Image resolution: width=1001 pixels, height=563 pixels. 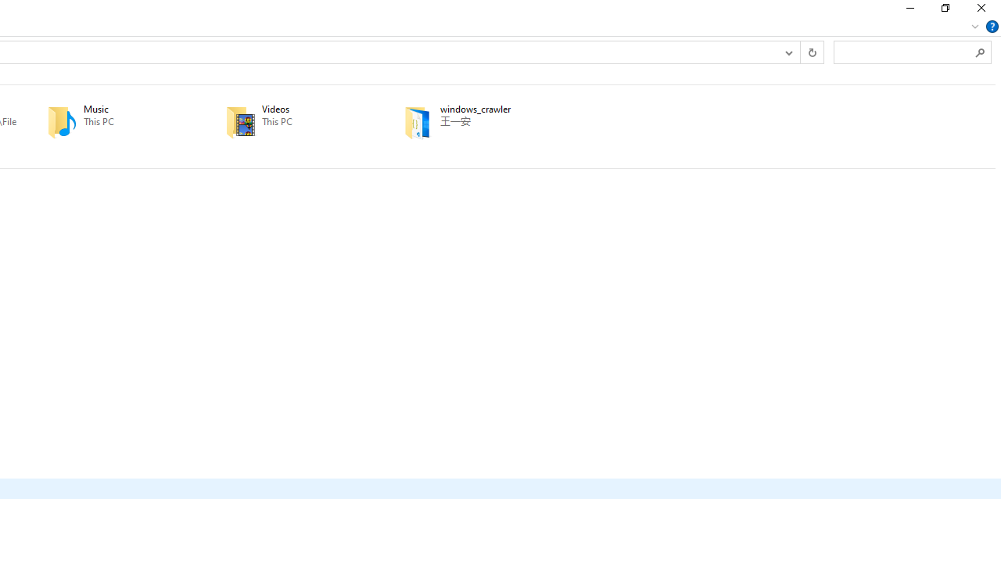 I want to click on 'Restore', so click(x=944, y=12).